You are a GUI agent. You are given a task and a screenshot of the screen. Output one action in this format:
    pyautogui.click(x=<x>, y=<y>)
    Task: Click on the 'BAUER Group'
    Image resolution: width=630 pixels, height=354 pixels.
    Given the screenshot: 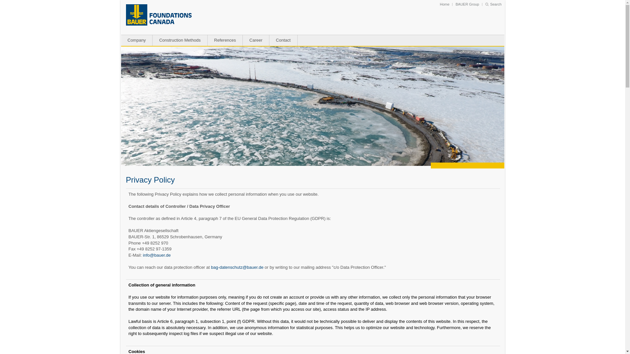 What is the action you would take?
    pyautogui.click(x=467, y=4)
    